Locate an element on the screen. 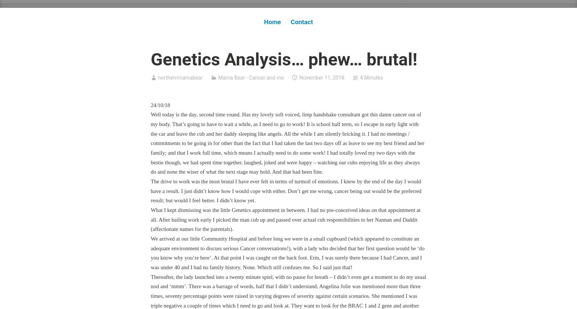 This screenshot has width=577, height=309. 'Home' is located at coordinates (272, 21).